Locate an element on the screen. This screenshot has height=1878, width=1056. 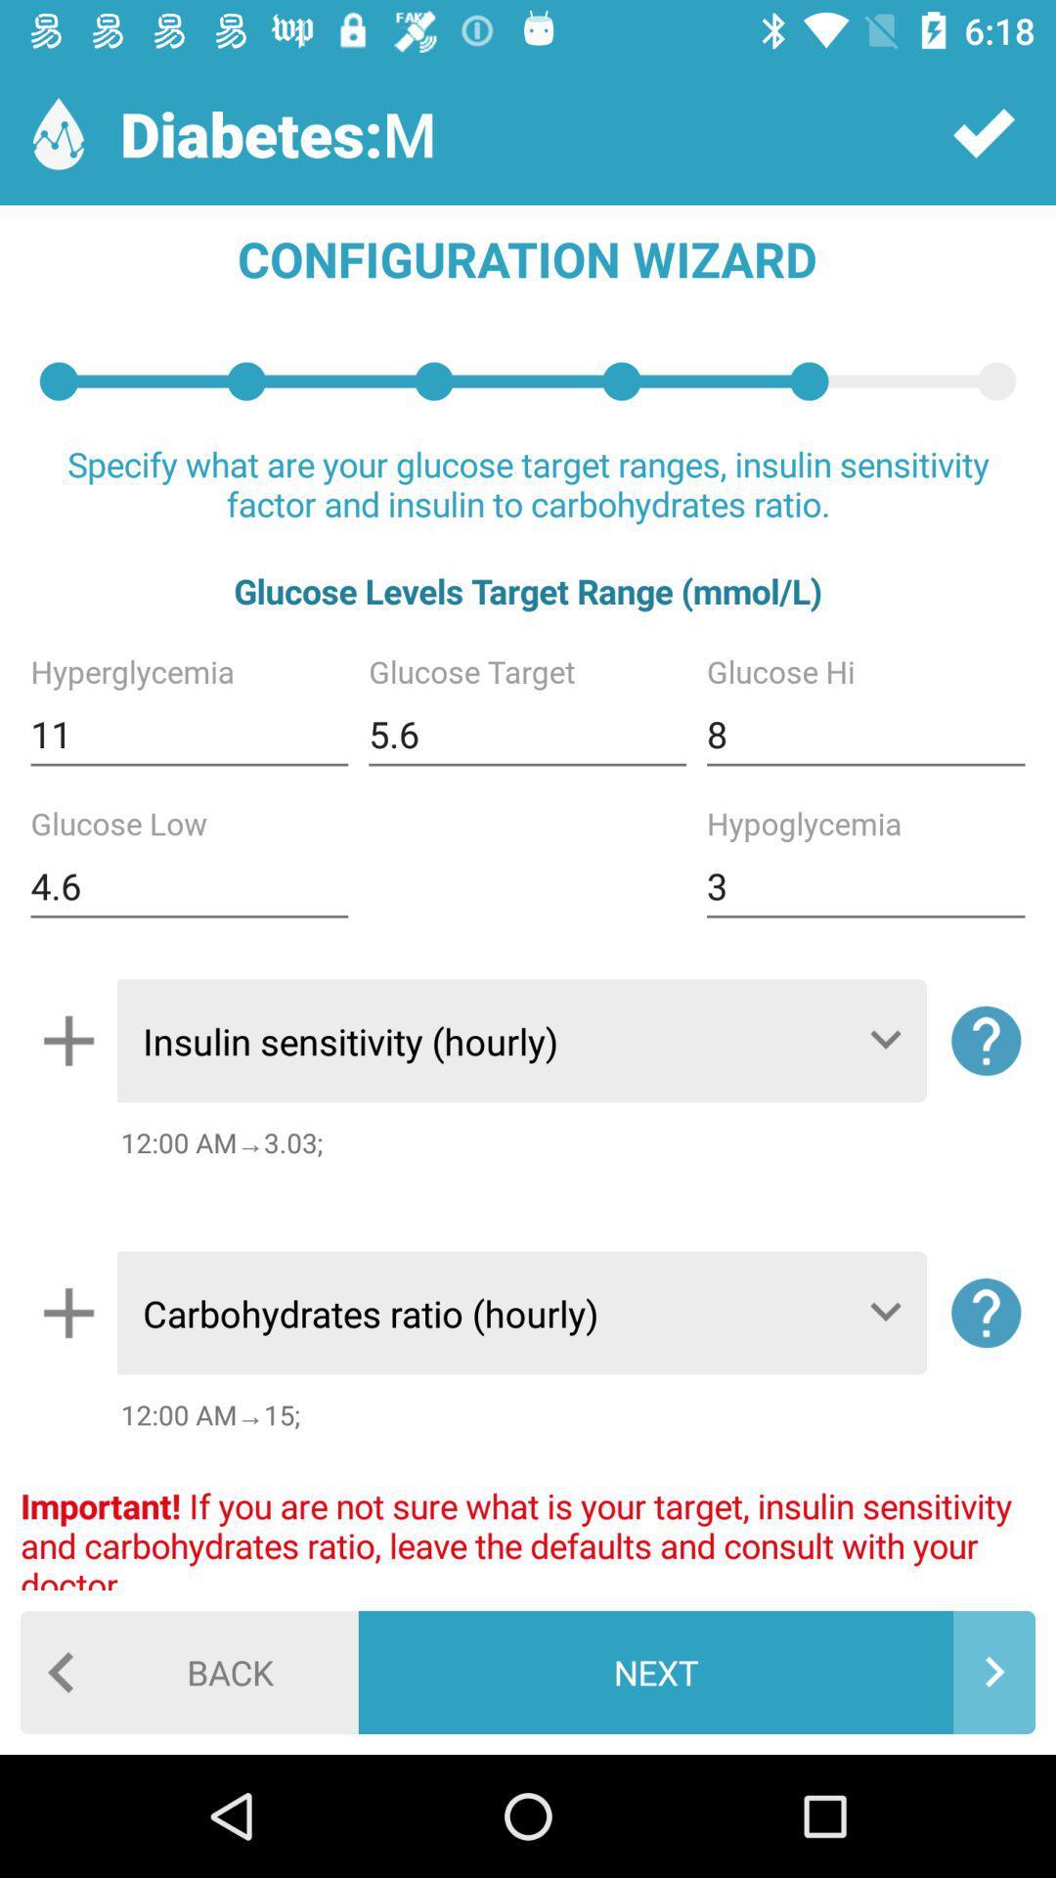
icon below the important if you item is located at coordinates (189, 1671).